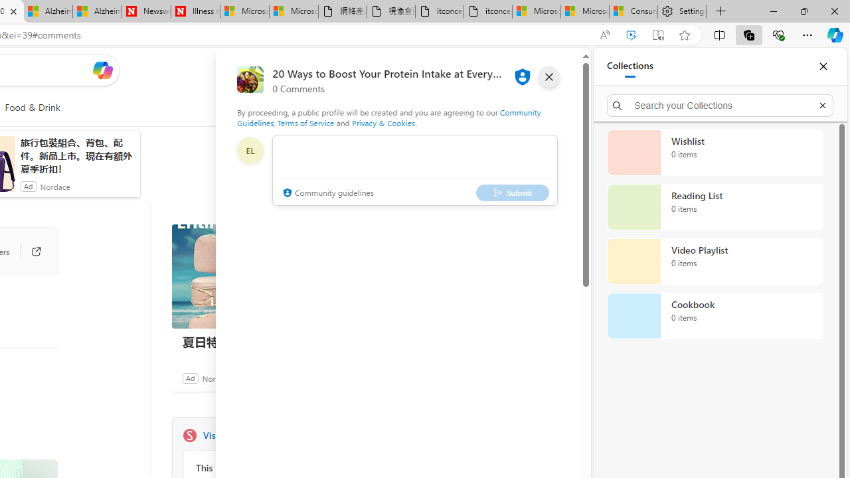 The image size is (850, 478). What do you see at coordinates (715, 207) in the screenshot?
I see `'Reading List collection, 0 items'` at bounding box center [715, 207].